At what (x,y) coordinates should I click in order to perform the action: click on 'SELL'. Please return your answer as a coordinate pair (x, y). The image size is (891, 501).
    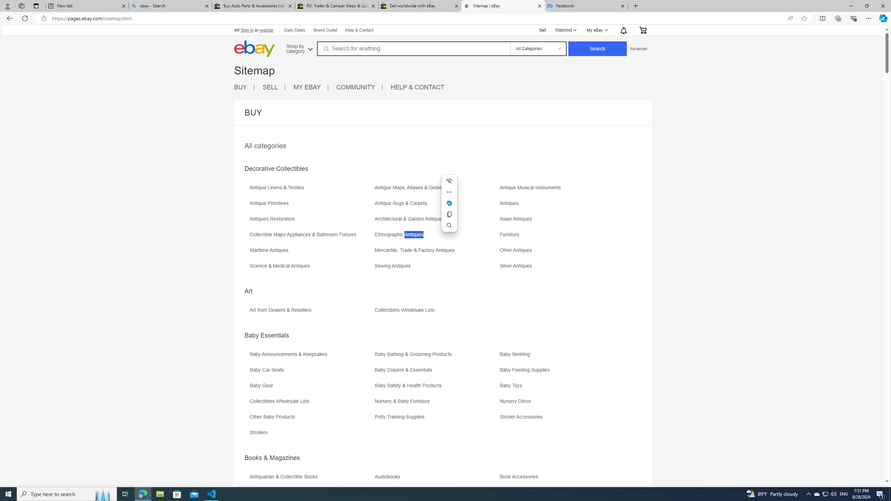
    Looking at the image, I should click on (274, 87).